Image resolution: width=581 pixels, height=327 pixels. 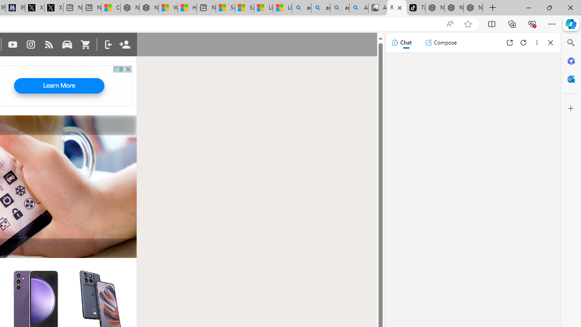 I want to click on 'Wildlife - MSN', so click(x=167, y=8).